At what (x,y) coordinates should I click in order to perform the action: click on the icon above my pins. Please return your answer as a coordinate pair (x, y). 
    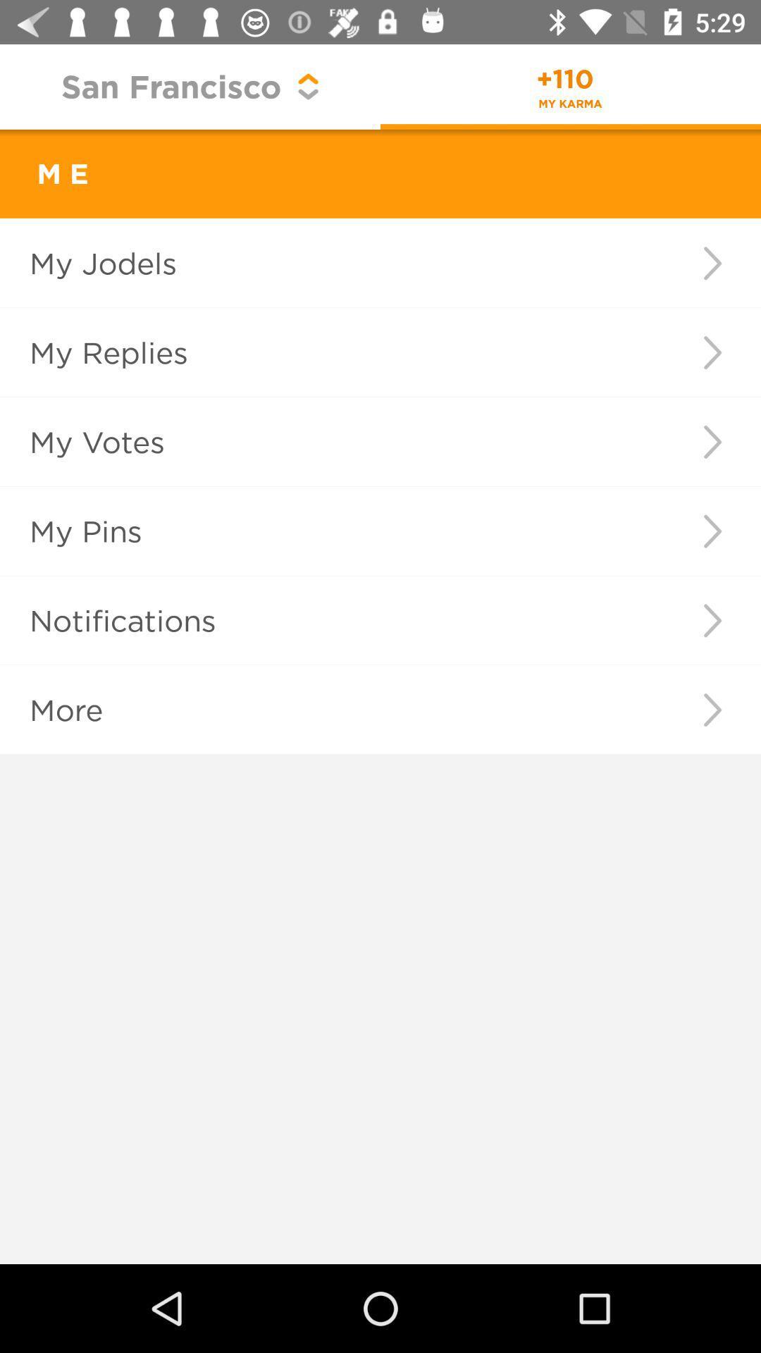
    Looking at the image, I should click on (326, 441).